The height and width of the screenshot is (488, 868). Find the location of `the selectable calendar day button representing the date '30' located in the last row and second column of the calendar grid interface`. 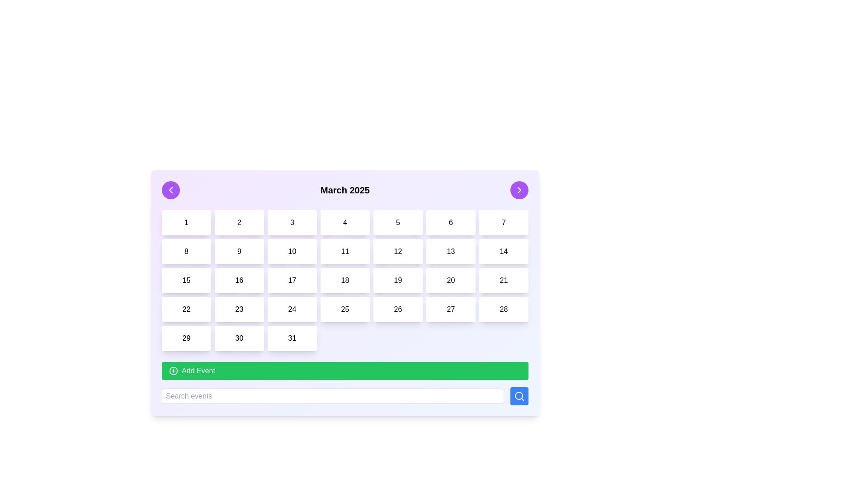

the selectable calendar day button representing the date '30' located in the last row and second column of the calendar grid interface is located at coordinates (239, 338).